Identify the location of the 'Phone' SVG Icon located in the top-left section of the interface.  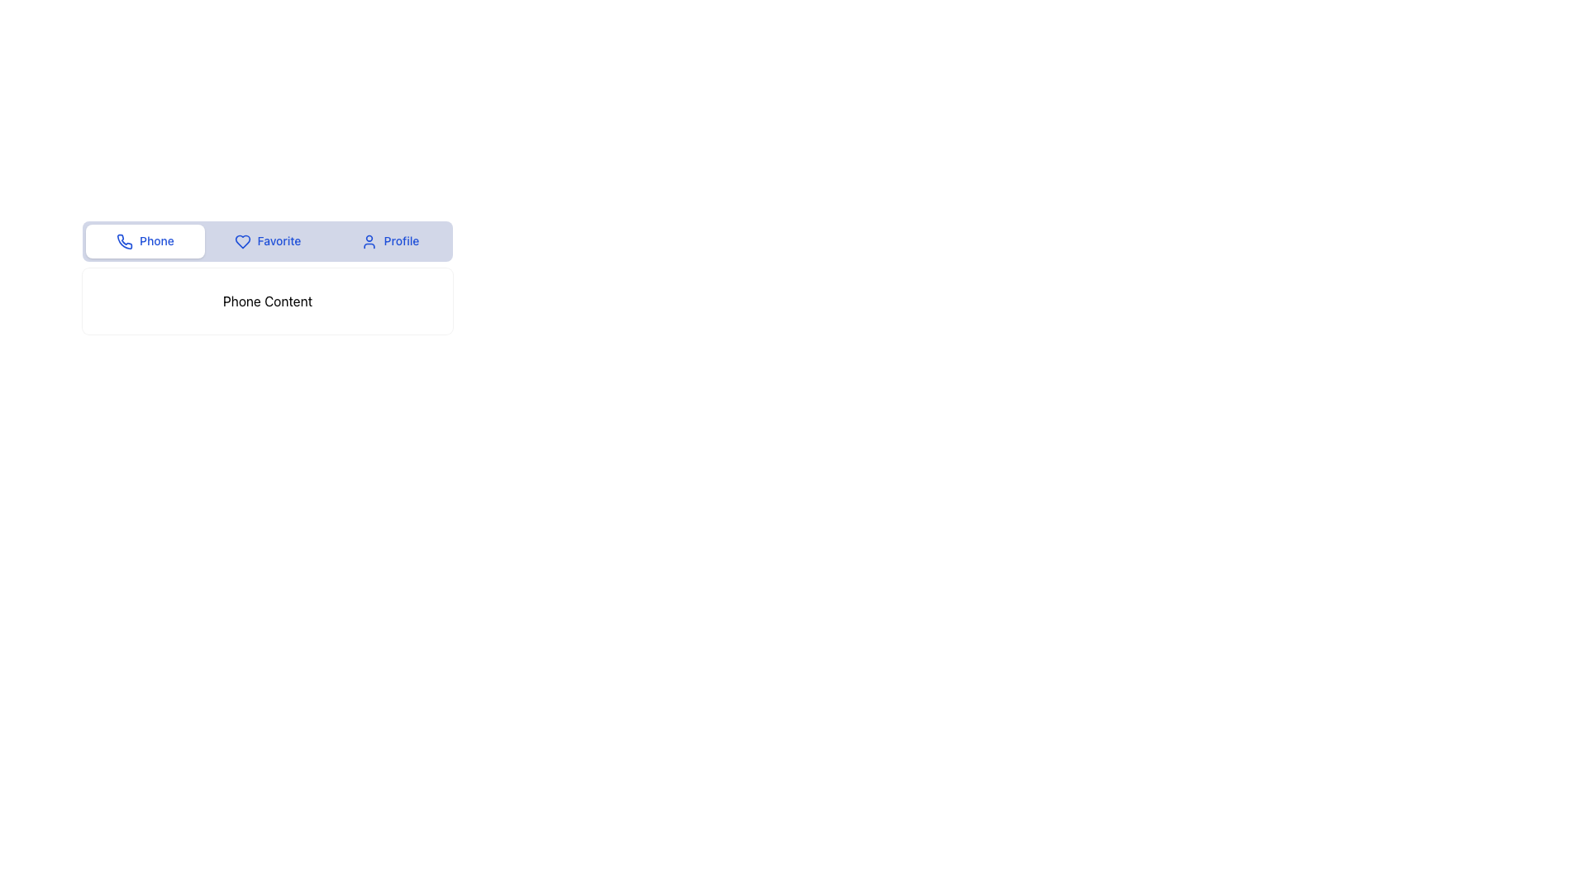
(124, 242).